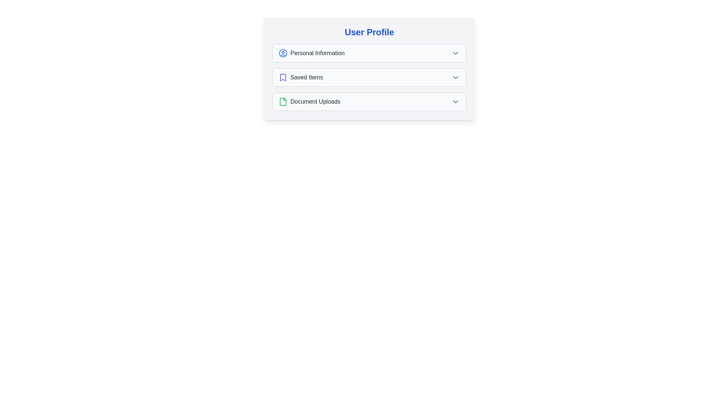  What do you see at coordinates (283, 53) in the screenshot?
I see `the circular SVG graphic icon representing a profile picture, which is located within the 'Personal Information' section of the 'User Profile' card` at bounding box center [283, 53].